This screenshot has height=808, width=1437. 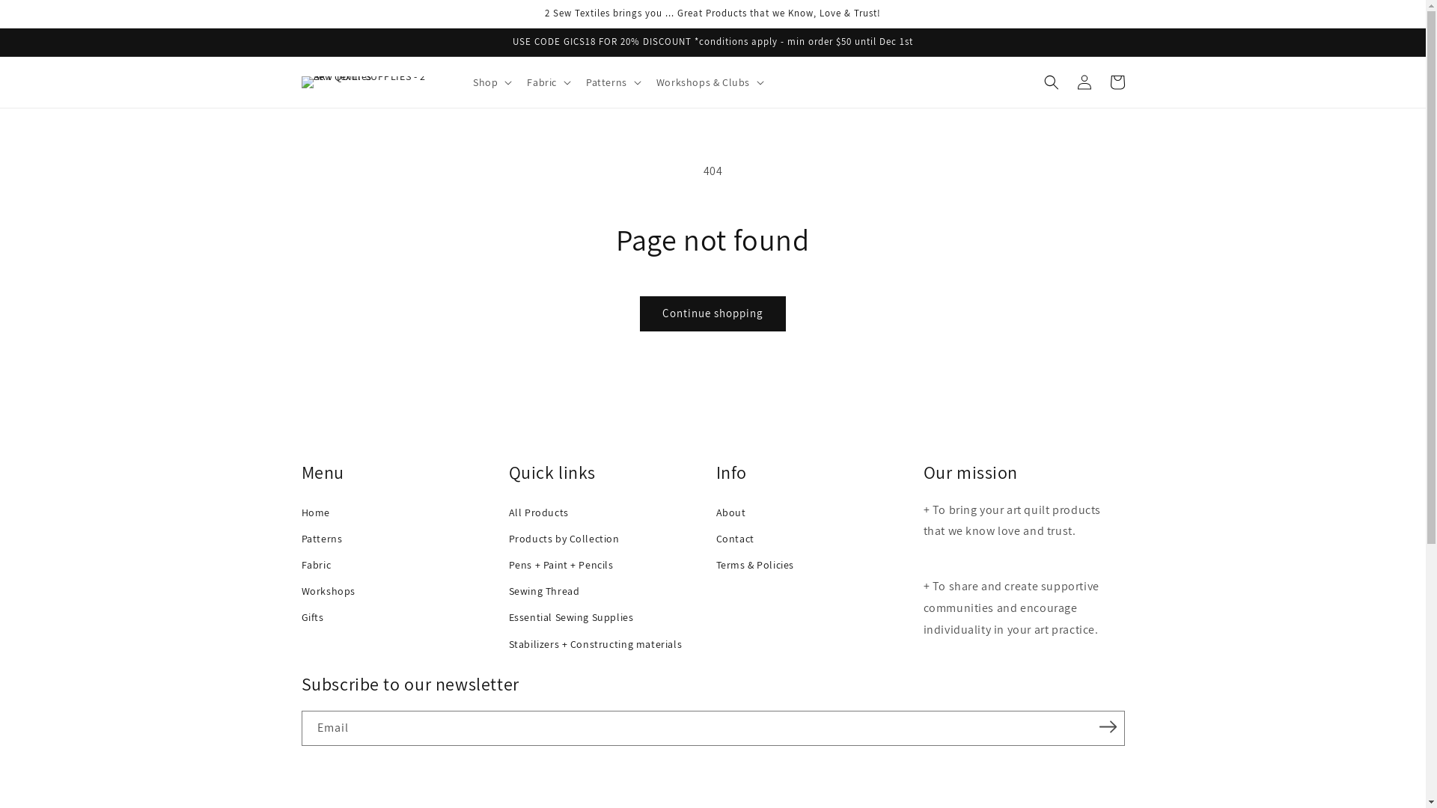 I want to click on 'Terms & Policies', so click(x=815, y=565).